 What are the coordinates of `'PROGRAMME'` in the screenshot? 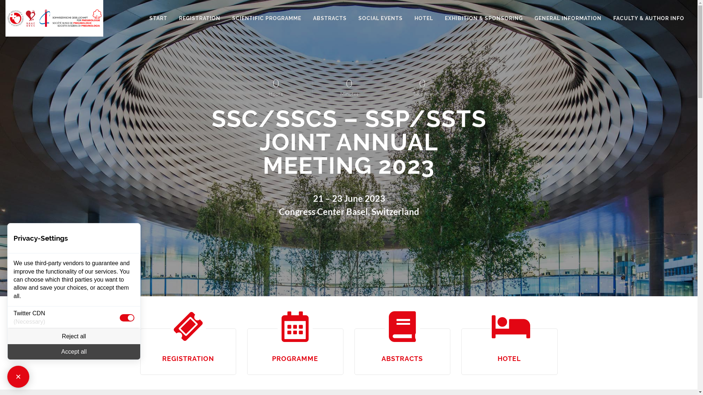 It's located at (295, 358).